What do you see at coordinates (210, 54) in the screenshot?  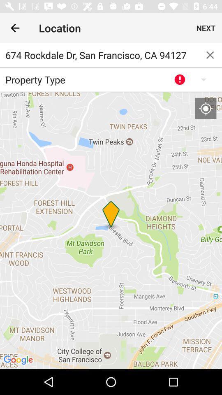 I see `the icon below next item` at bounding box center [210, 54].